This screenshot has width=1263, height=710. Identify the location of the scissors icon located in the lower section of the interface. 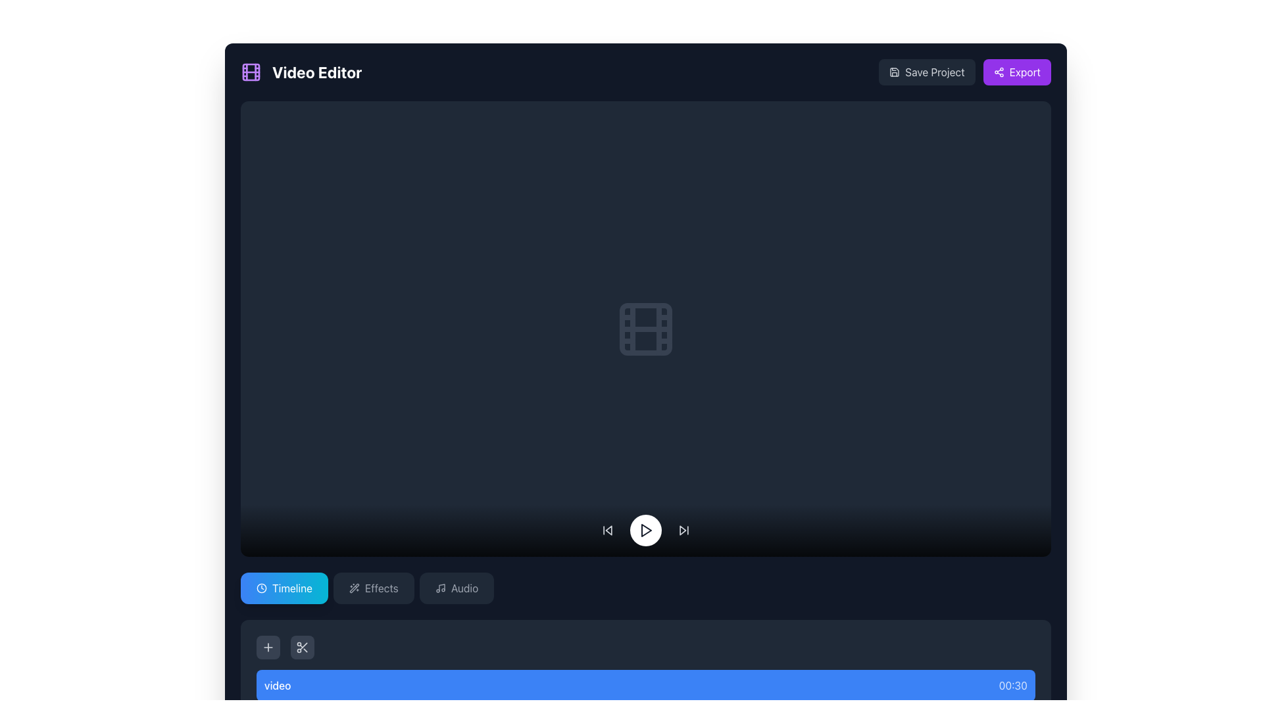
(302, 646).